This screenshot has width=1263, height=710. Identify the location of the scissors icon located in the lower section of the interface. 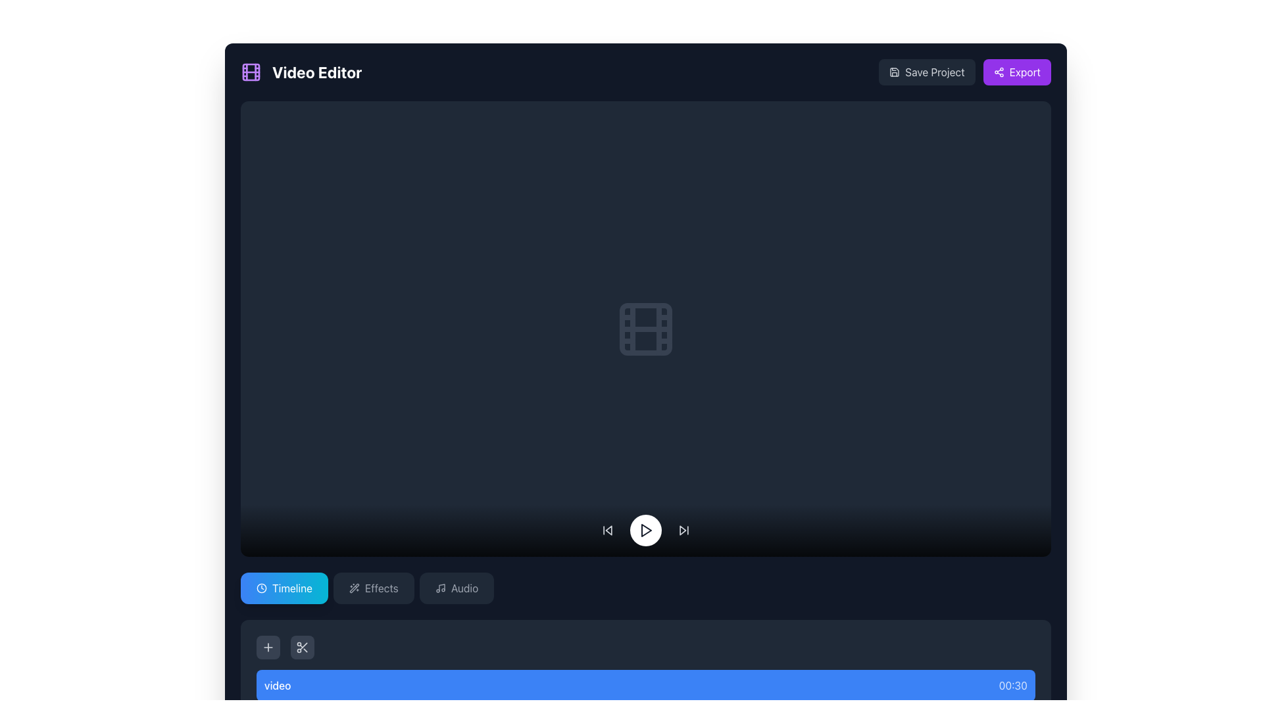
(302, 646).